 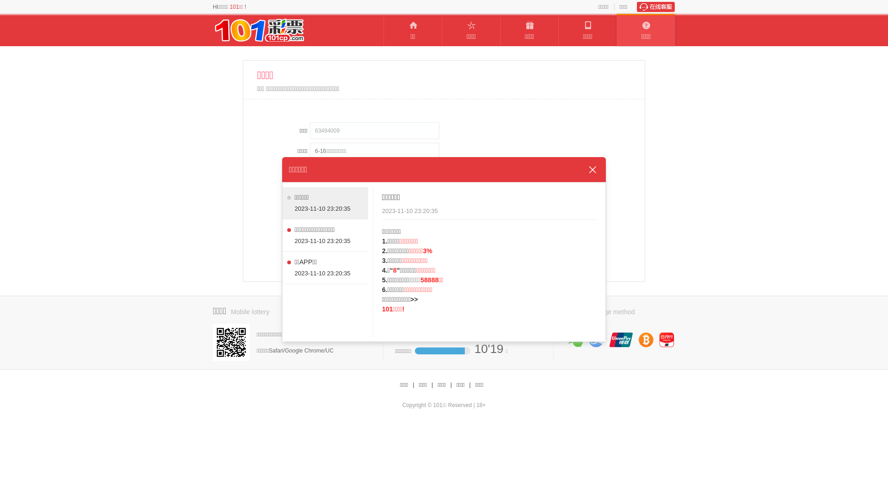 What do you see at coordinates (432, 385) in the screenshot?
I see `'|'` at bounding box center [432, 385].